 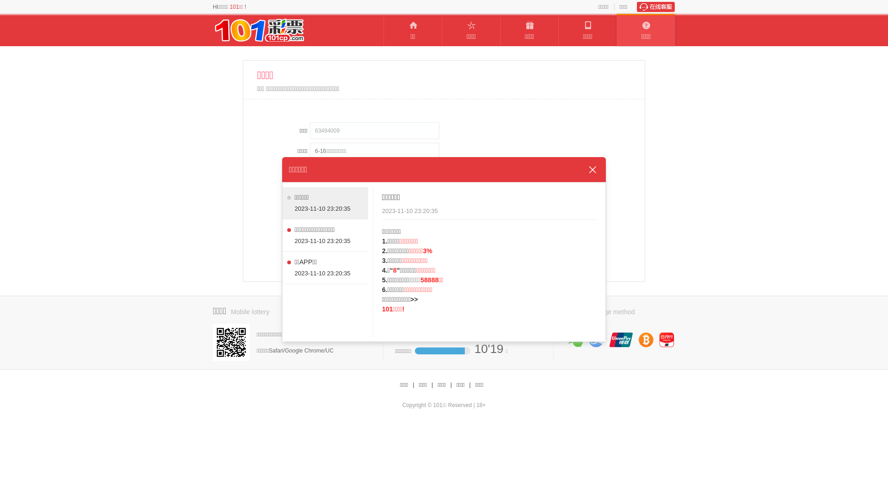 What do you see at coordinates (432, 385) in the screenshot?
I see `'|'` at bounding box center [432, 385].